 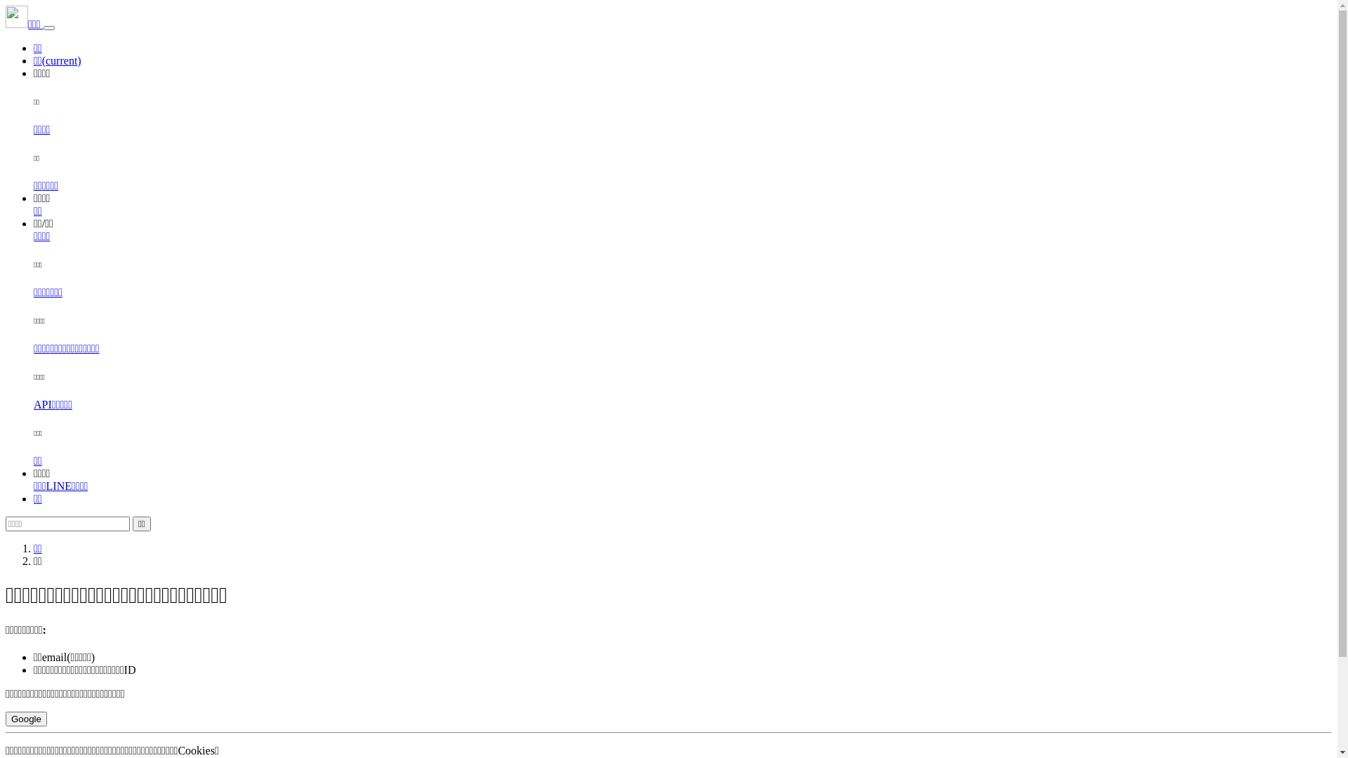 I want to click on 'Google', so click(x=6, y=719).